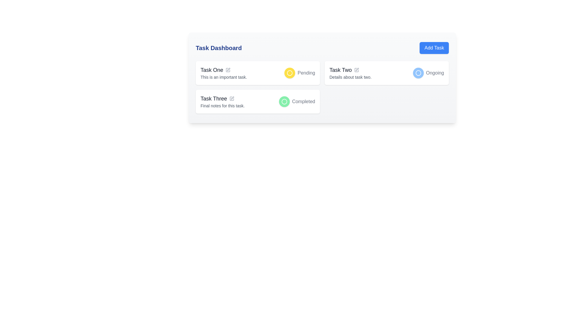 The image size is (573, 322). What do you see at coordinates (418, 73) in the screenshot?
I see `the status indicator button located to the left of the 'Ongoing' text in the top-right section of the second task's details row for accessibility interaction` at bounding box center [418, 73].